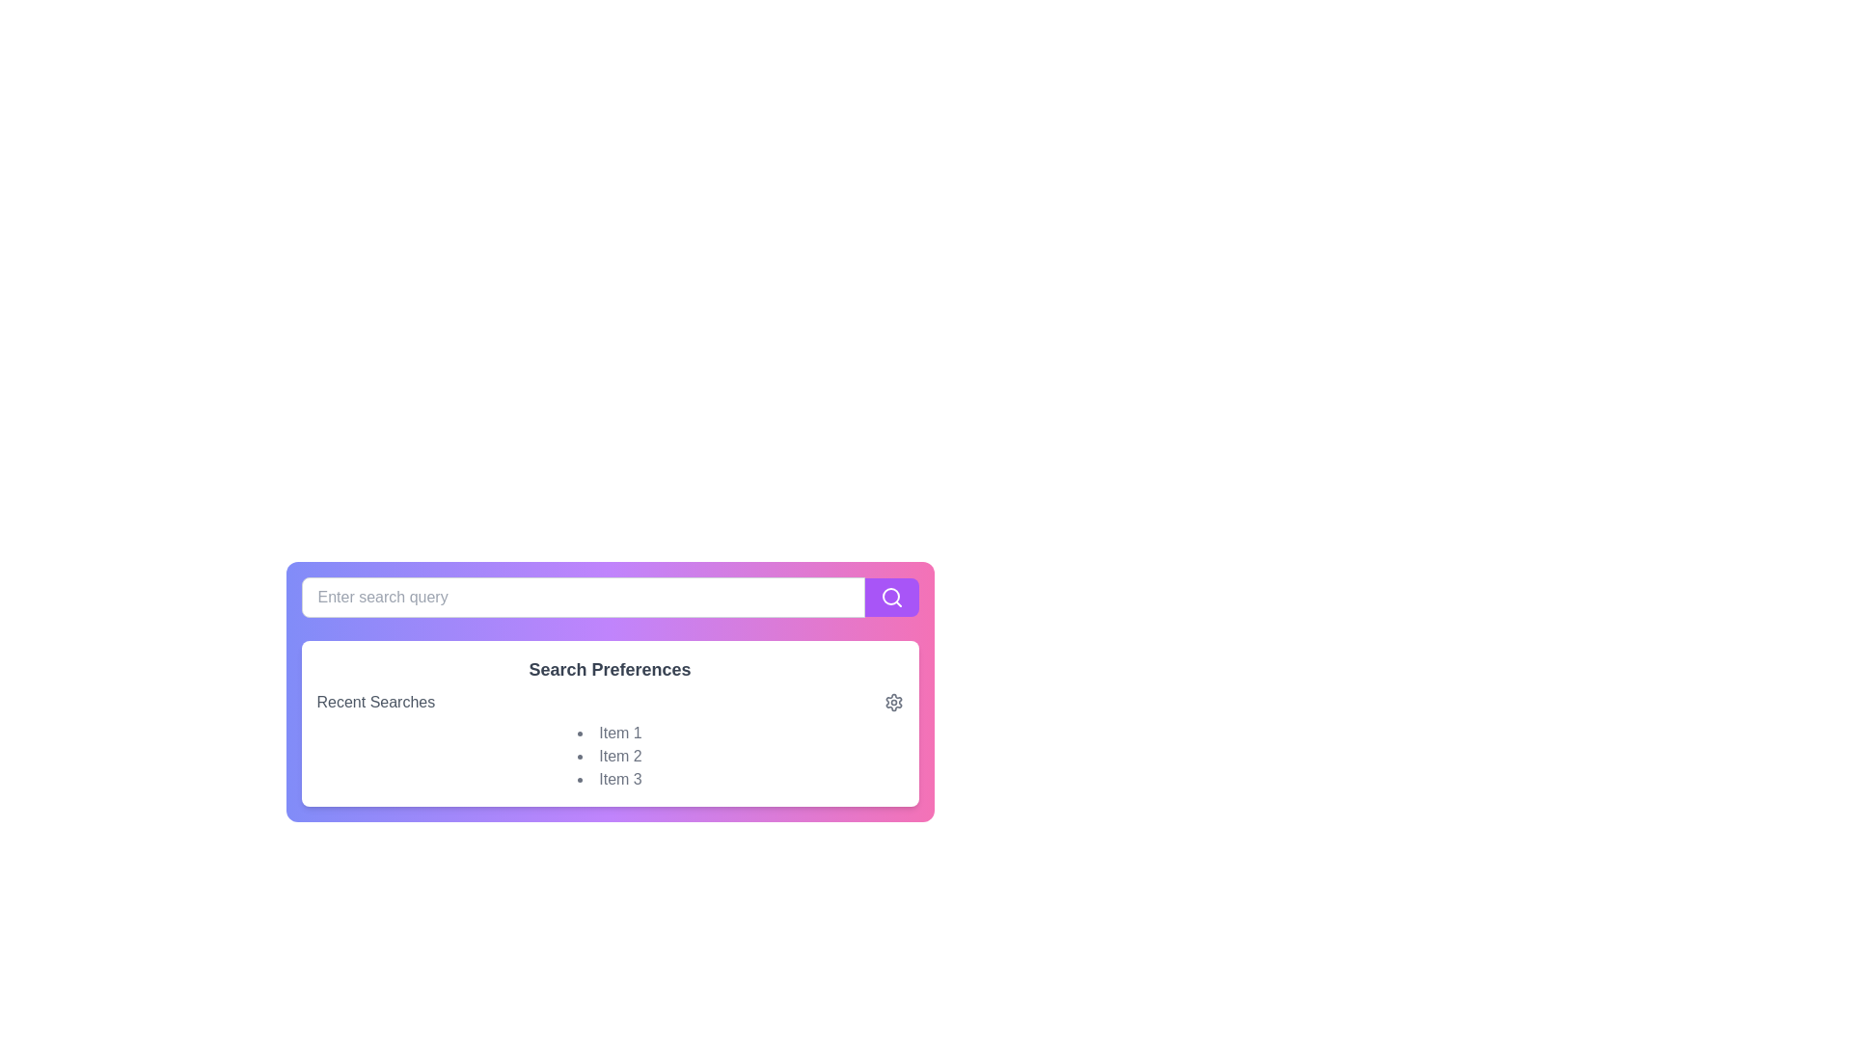 This screenshot has height=1041, width=1852. Describe the element at coordinates (890, 597) in the screenshot. I see `the 'Search' icon located at the right end of the purple button to initiate a search action` at that location.